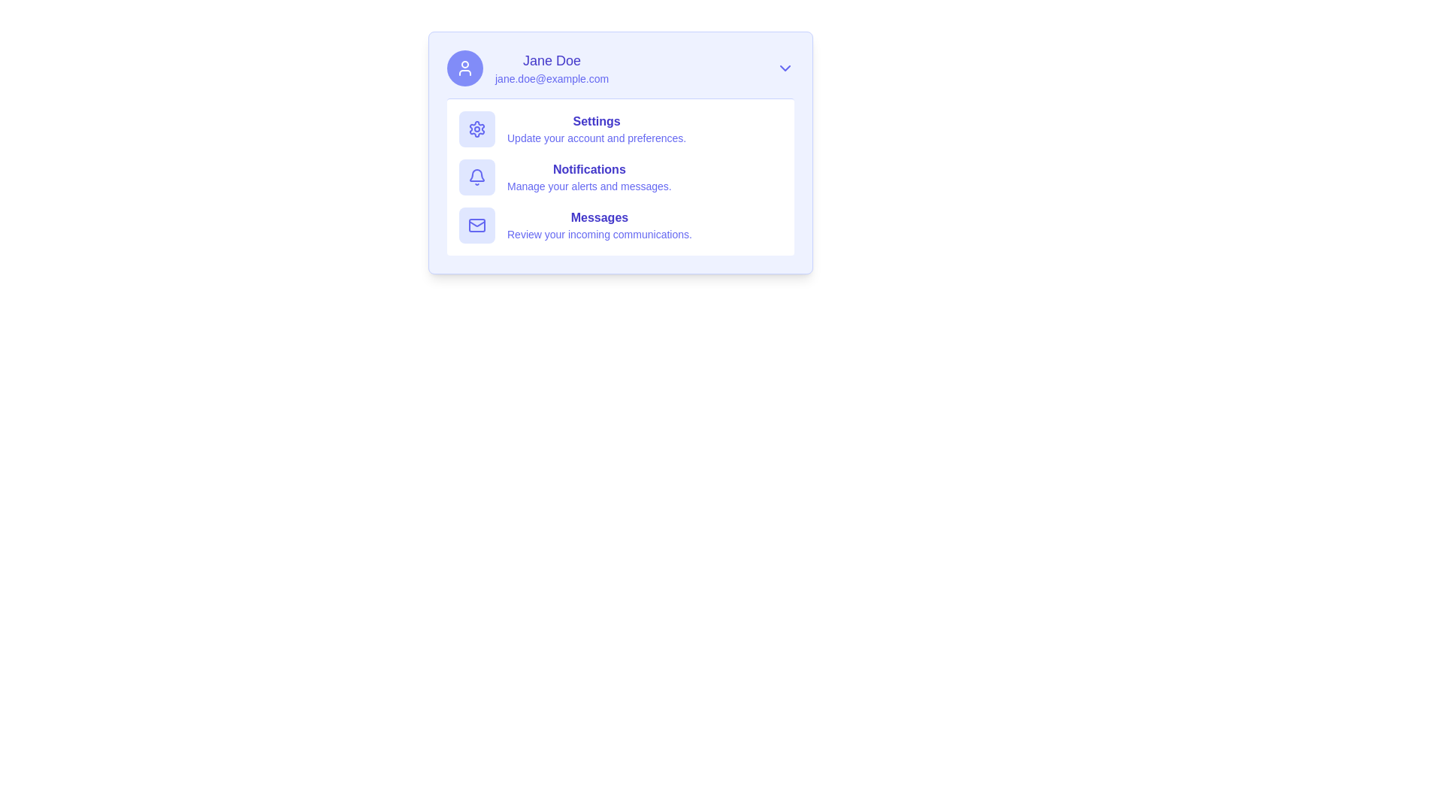  I want to click on the descriptive text that says 'Update your account and preferences.', which is styled in a smaller font size and light indigo color, located beneath the 'Settings' title, so click(596, 138).